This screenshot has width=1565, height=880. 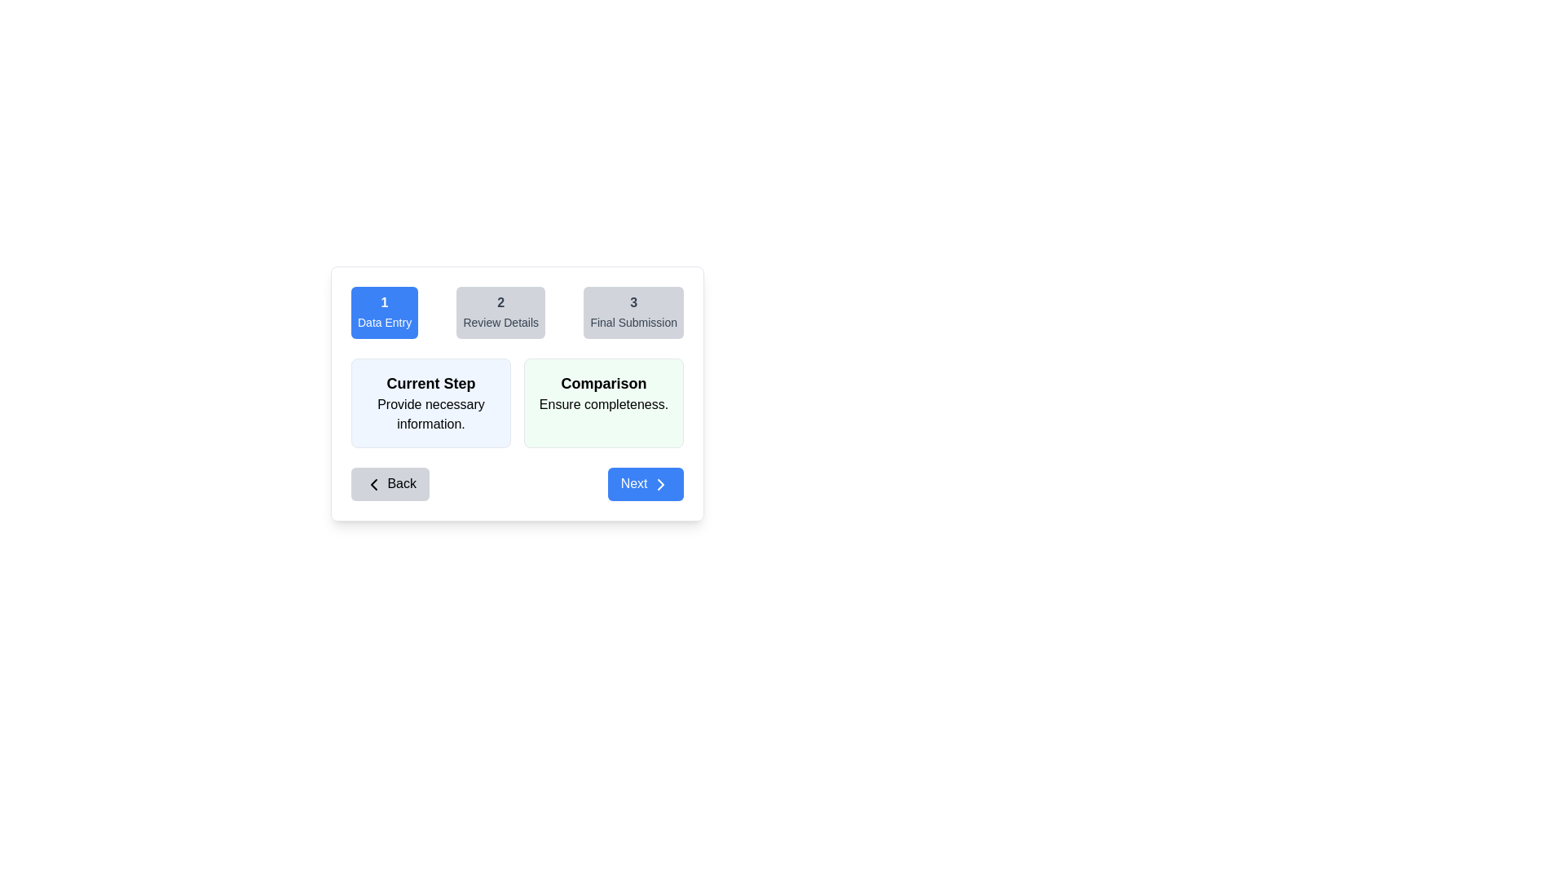 What do you see at coordinates (384, 302) in the screenshot?
I see `the text indicating the sequence number '1' within the 'Data Entry' step indicator, which is inside the blue rectangular button labeled 'Data Entry'` at bounding box center [384, 302].